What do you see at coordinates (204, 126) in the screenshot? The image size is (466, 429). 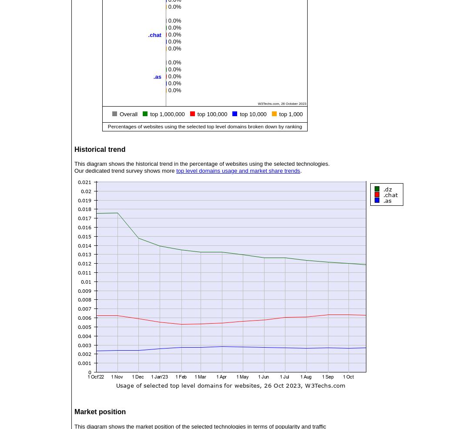 I see `'Percentages of websites using the selected top level domains broken down by ranking'` at bounding box center [204, 126].